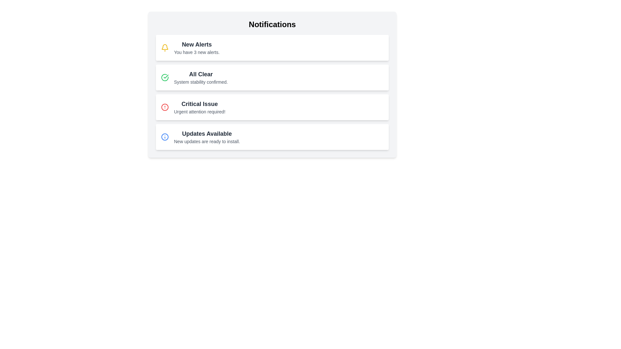  I want to click on red circular icon with an alert symbol located on the left side of the card titled 'Critical Issue' in the notification panel, so click(165, 107).